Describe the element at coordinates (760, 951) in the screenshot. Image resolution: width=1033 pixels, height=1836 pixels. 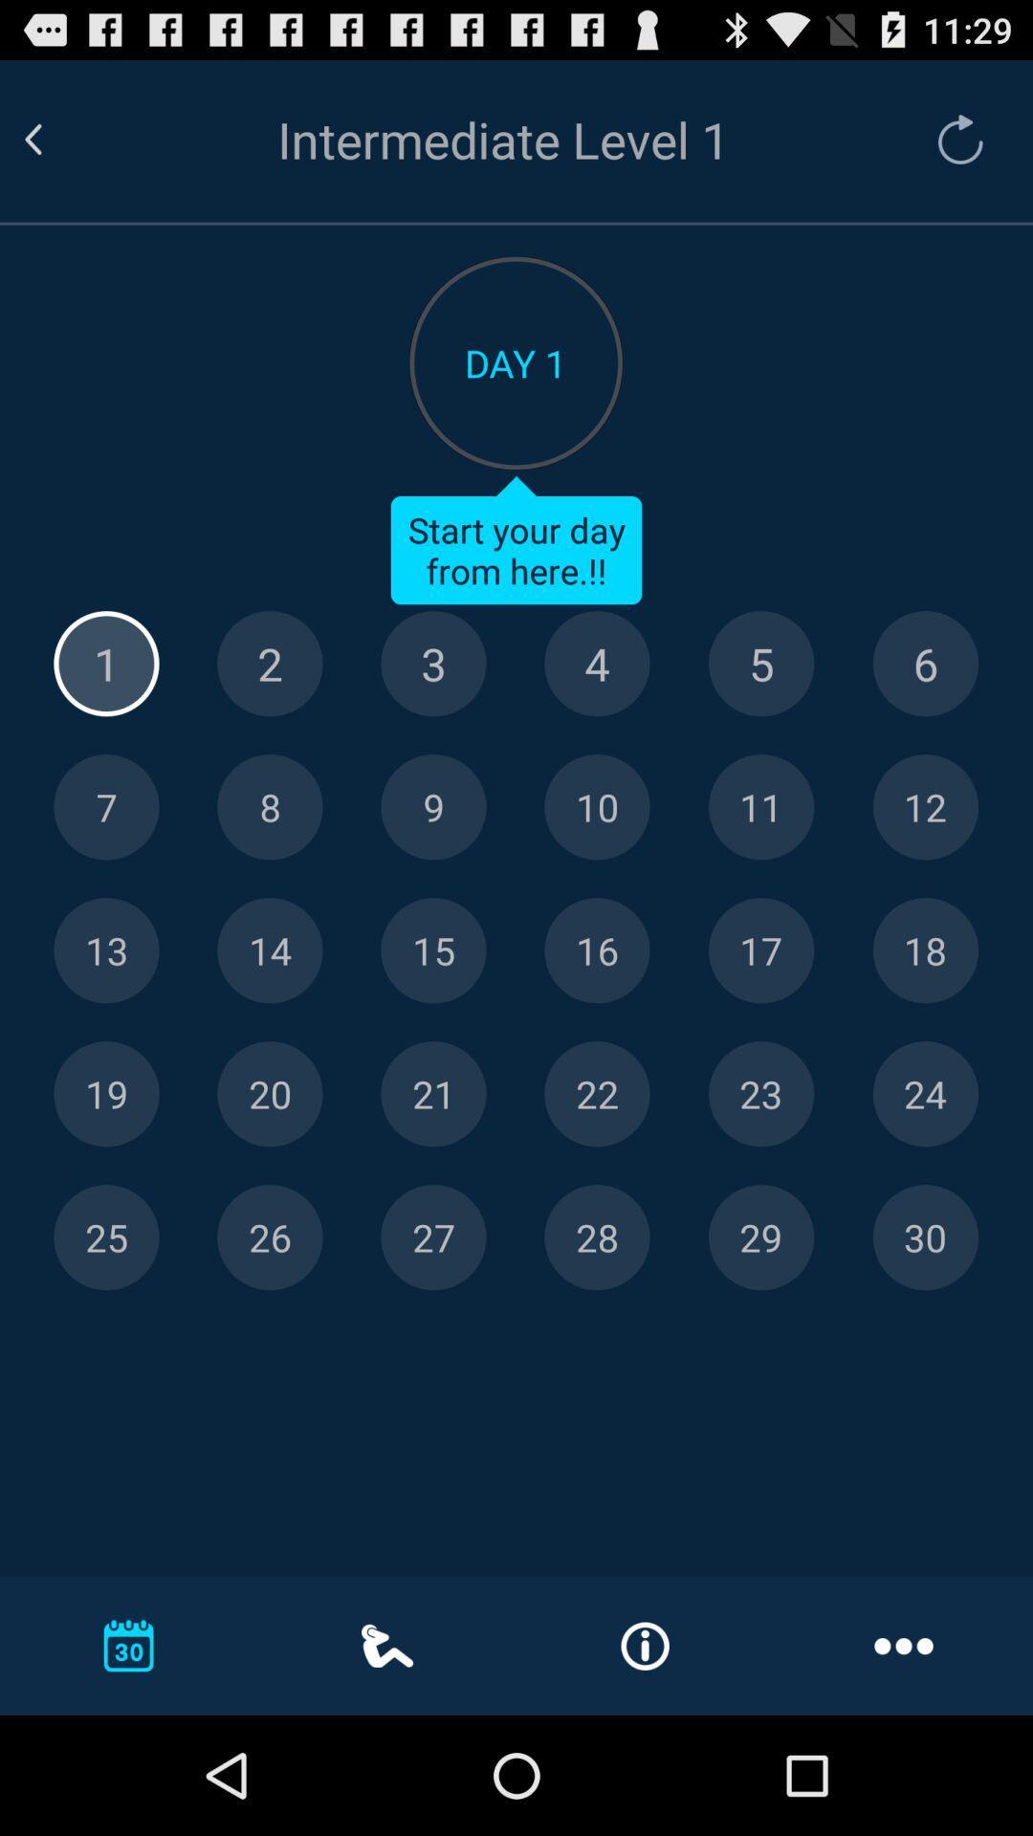
I see `day 17` at that location.